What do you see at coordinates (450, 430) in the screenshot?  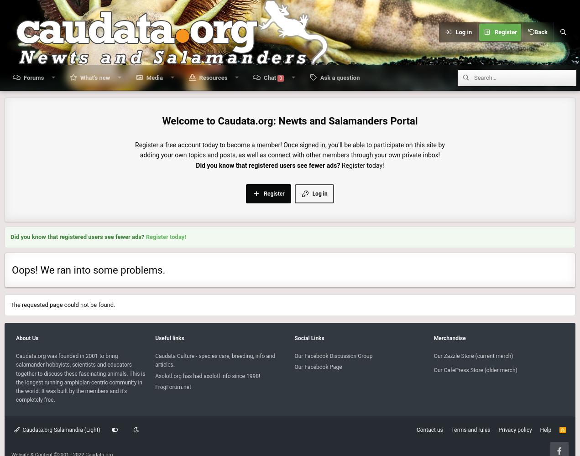 I see `'Terms and rules'` at bounding box center [450, 430].